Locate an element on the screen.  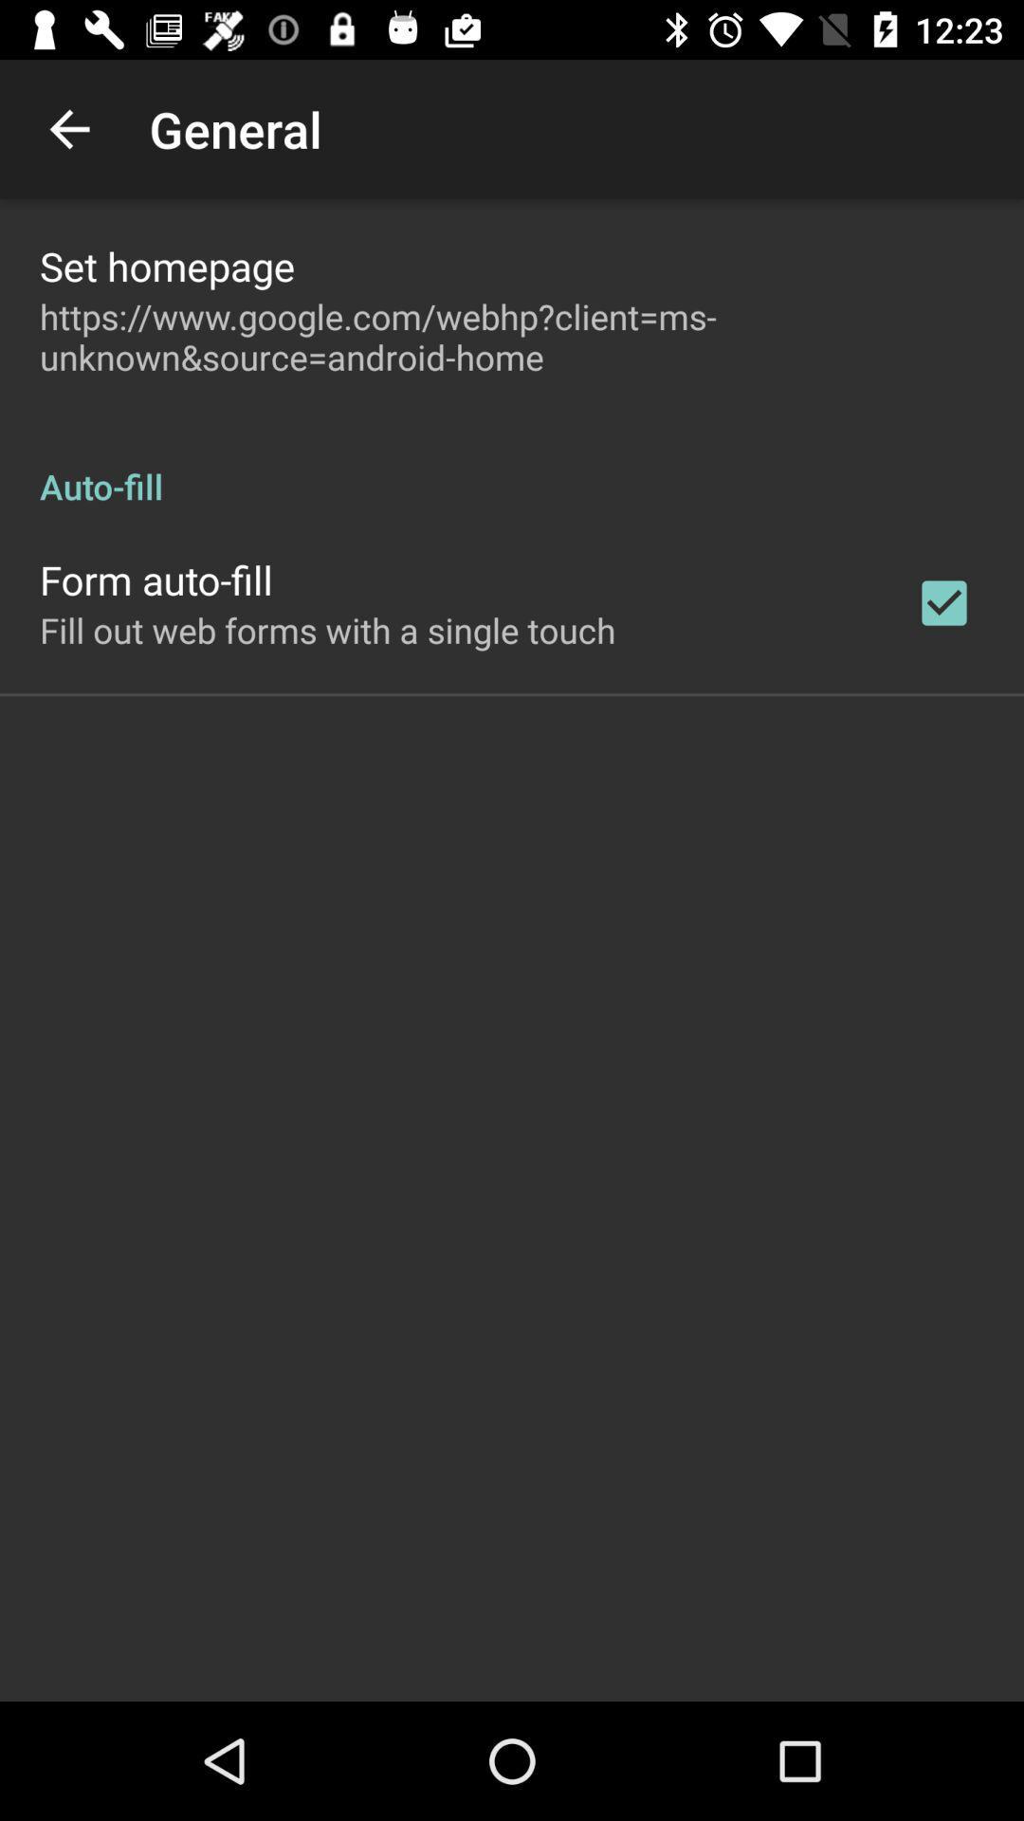
the fill out web is located at coordinates (326, 630).